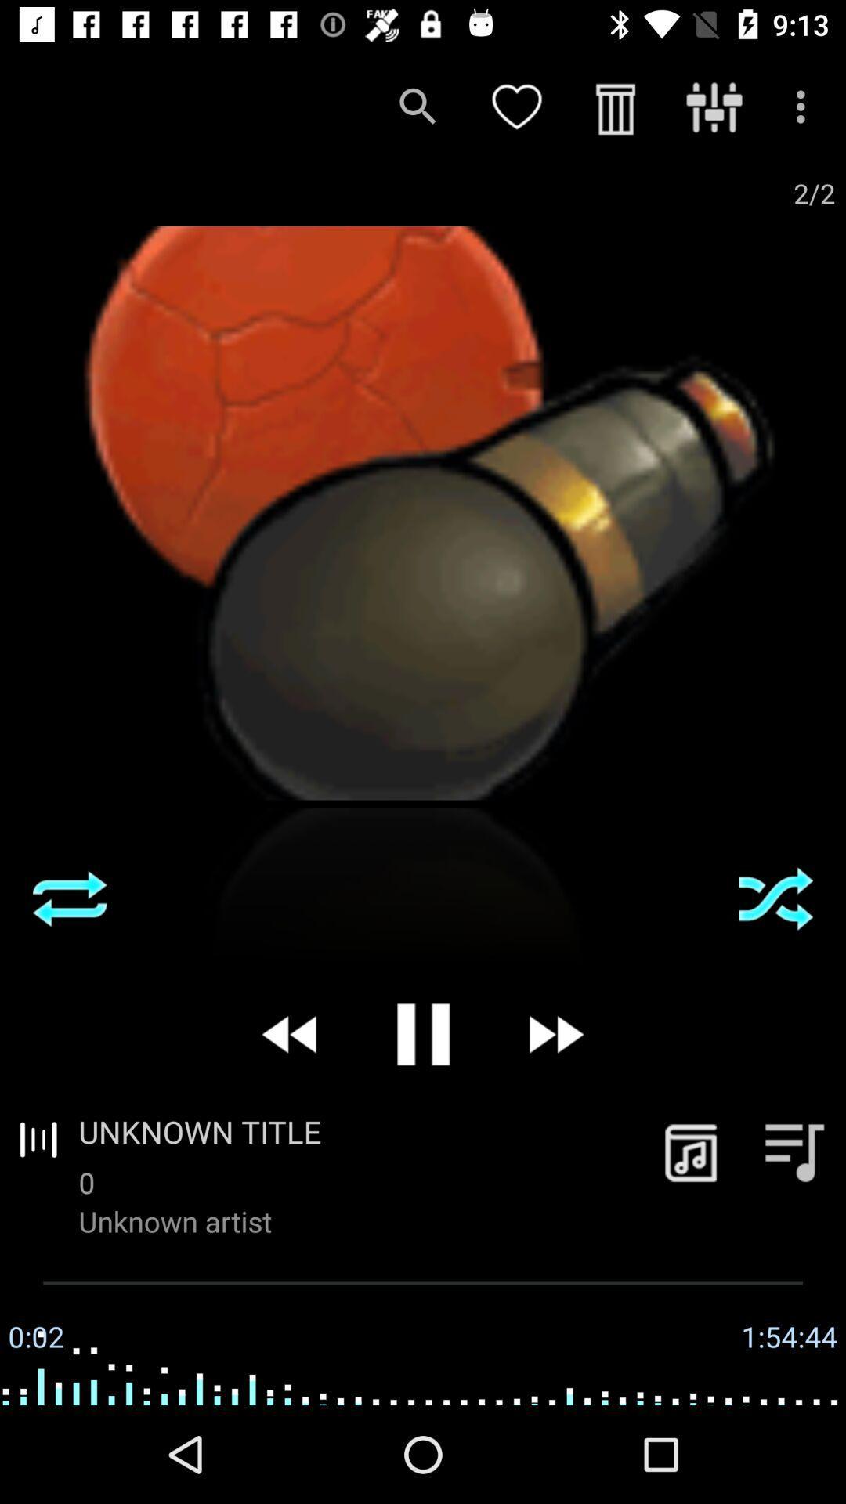 The width and height of the screenshot is (846, 1504). Describe the element at coordinates (423, 1034) in the screenshot. I see `the pause icon` at that location.